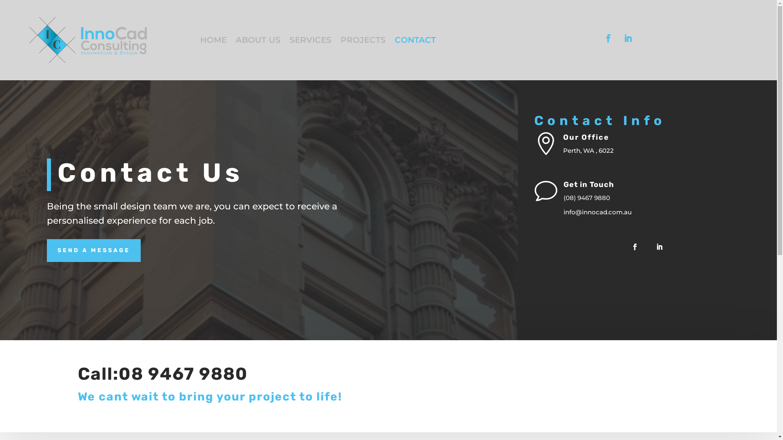  I want to click on 'Follow on LinkedIn', so click(628, 38).